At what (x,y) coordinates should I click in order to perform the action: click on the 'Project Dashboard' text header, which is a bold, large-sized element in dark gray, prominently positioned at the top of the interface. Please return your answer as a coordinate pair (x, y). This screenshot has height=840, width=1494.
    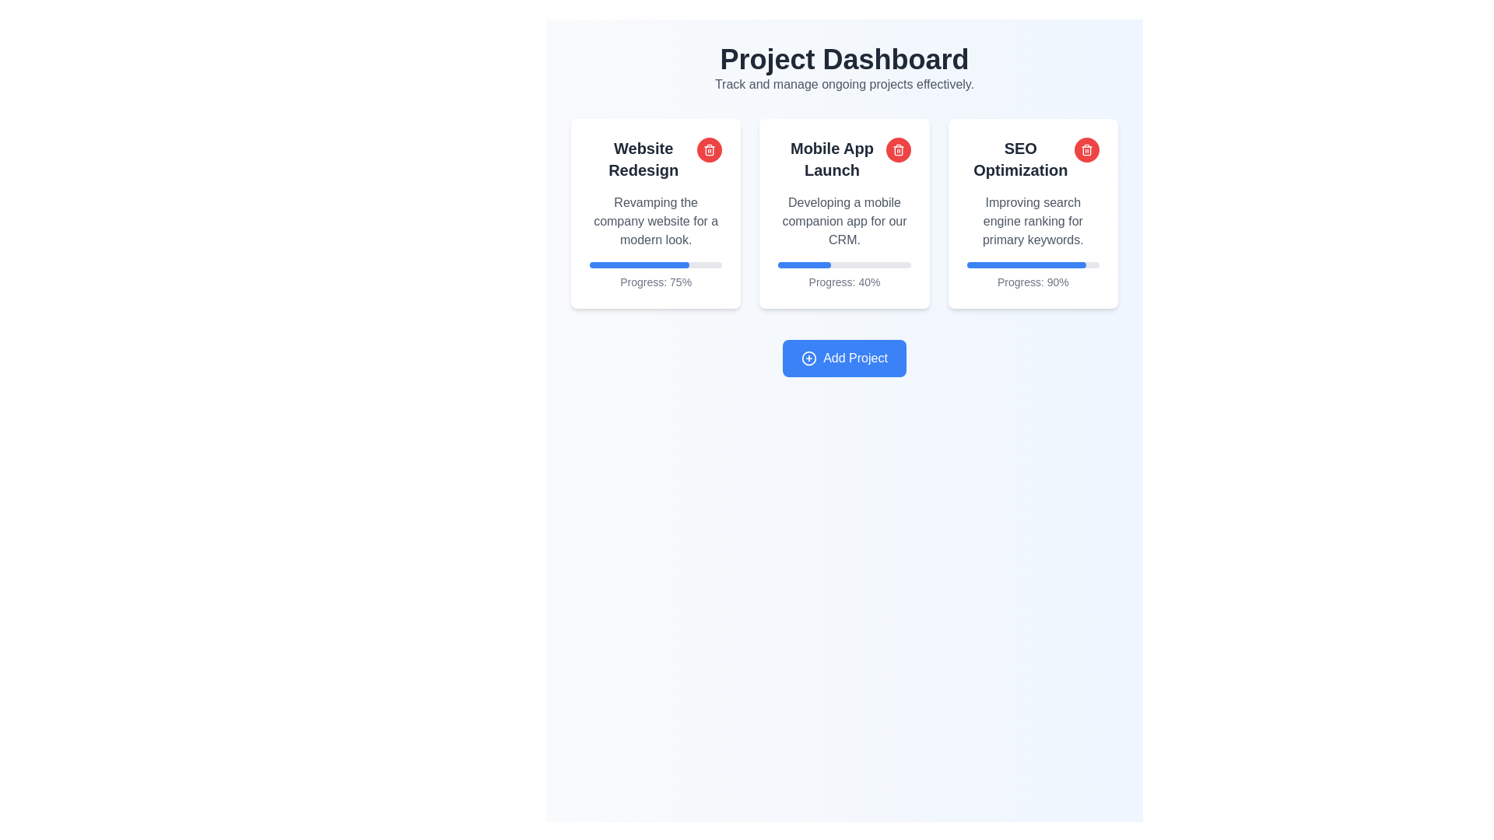
    Looking at the image, I should click on (843, 59).